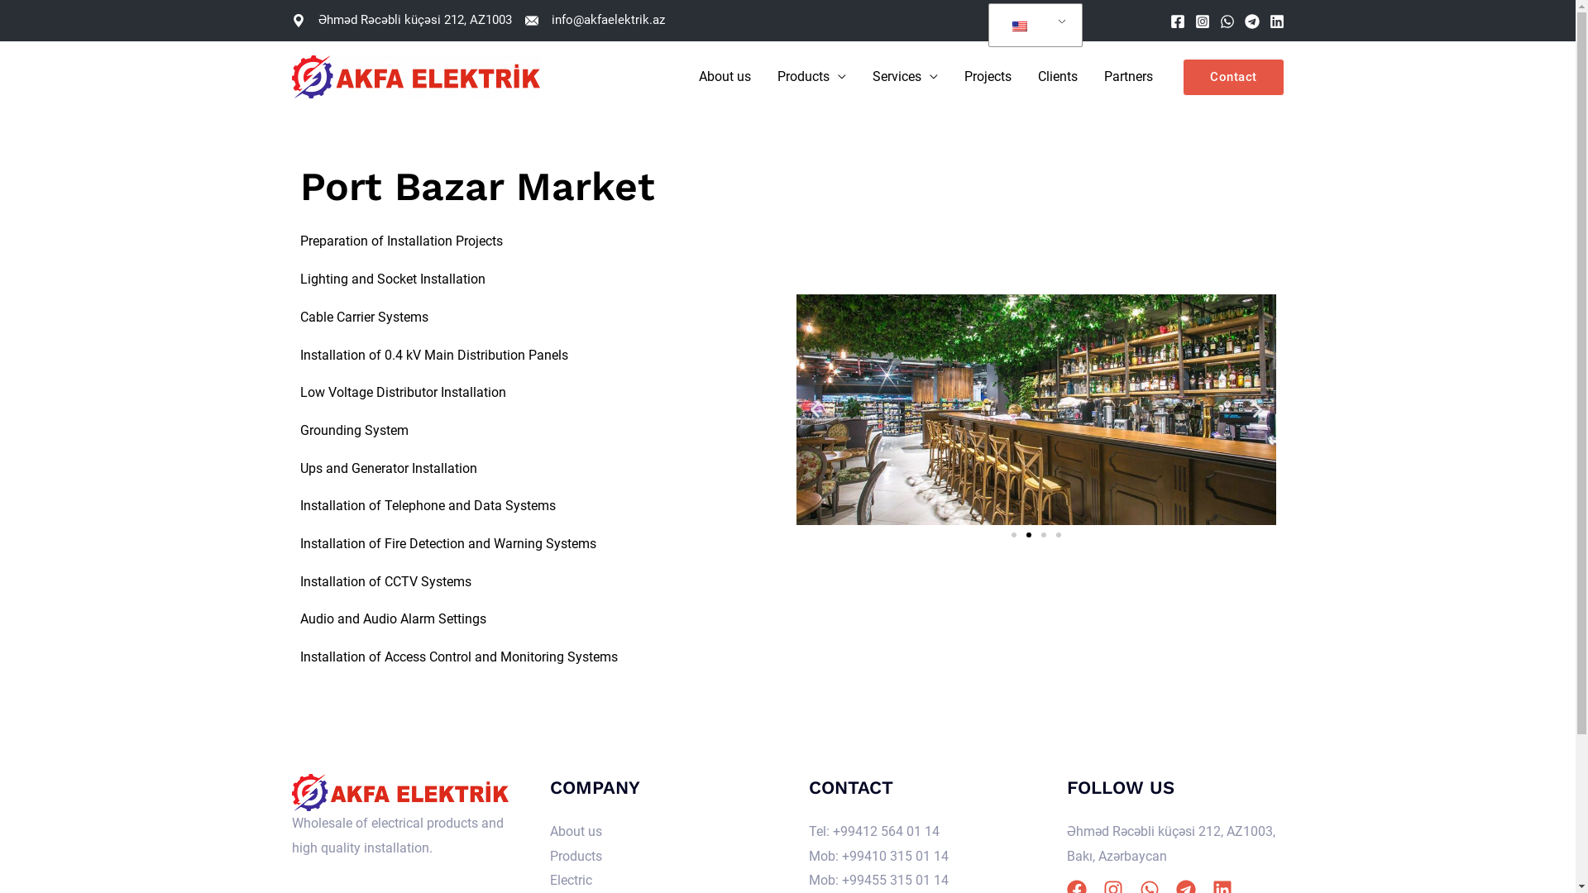 This screenshot has width=1588, height=893. I want to click on 'Products', so click(550, 856).